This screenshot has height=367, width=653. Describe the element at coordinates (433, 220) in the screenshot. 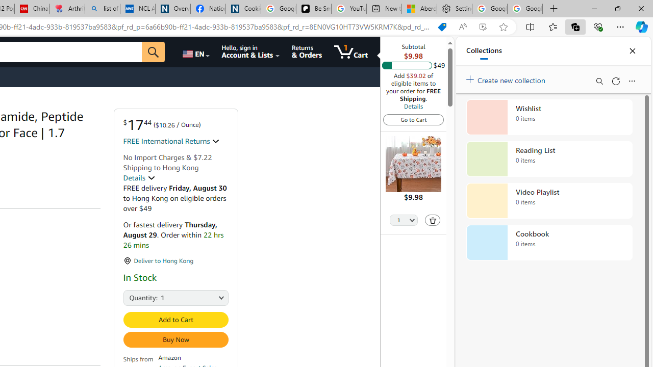

I see `'Delete'` at that location.